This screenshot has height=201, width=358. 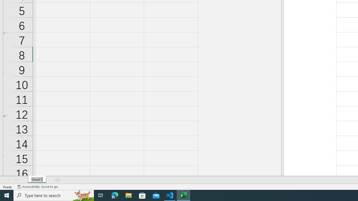 I want to click on 'Add Sheet', so click(x=58, y=180).